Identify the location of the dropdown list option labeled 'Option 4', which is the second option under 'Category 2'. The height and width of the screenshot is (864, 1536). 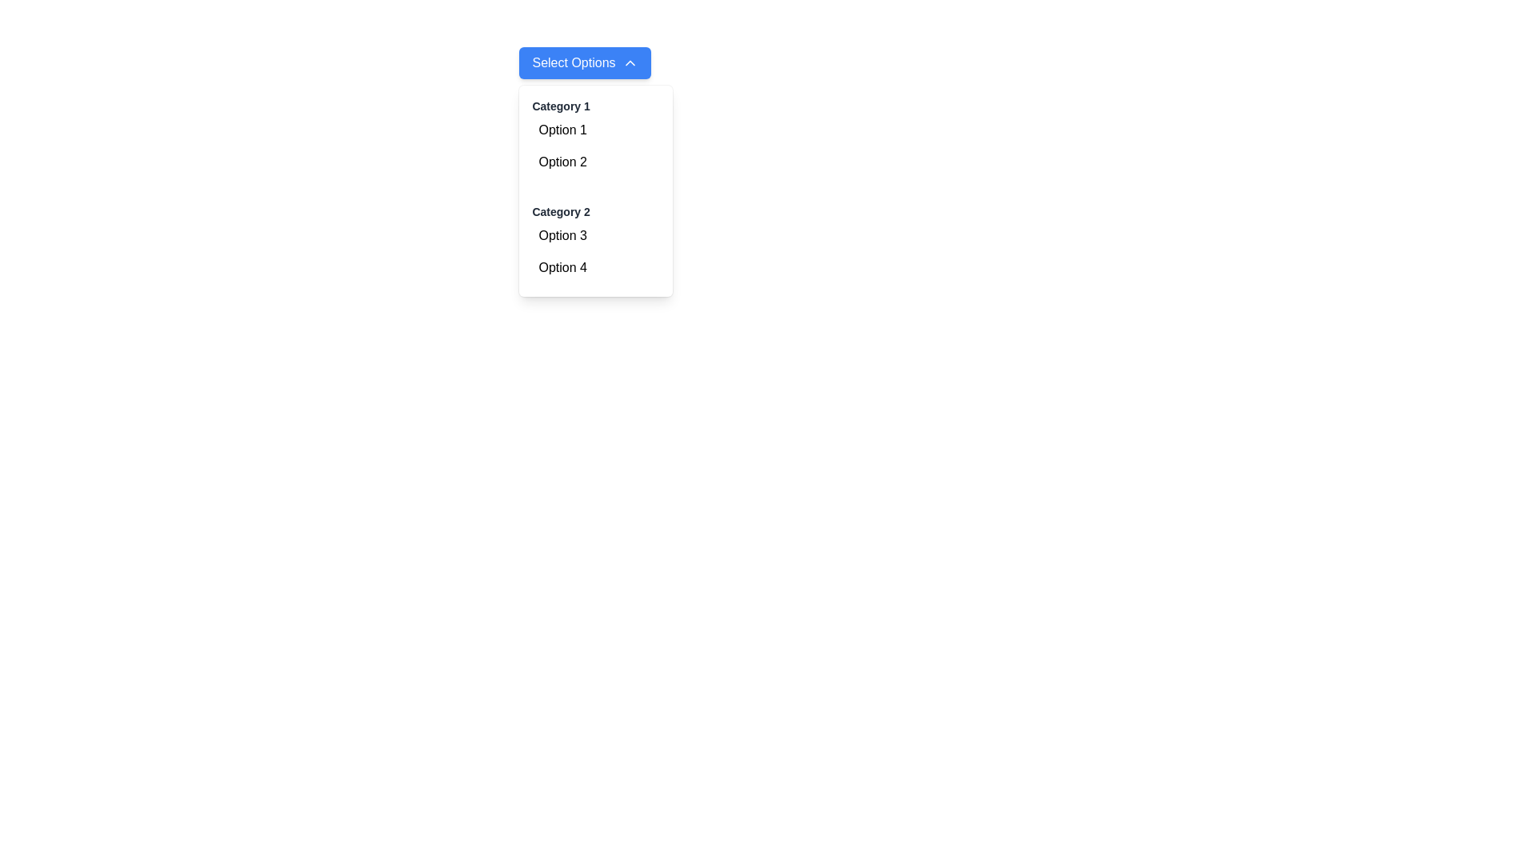
(595, 267).